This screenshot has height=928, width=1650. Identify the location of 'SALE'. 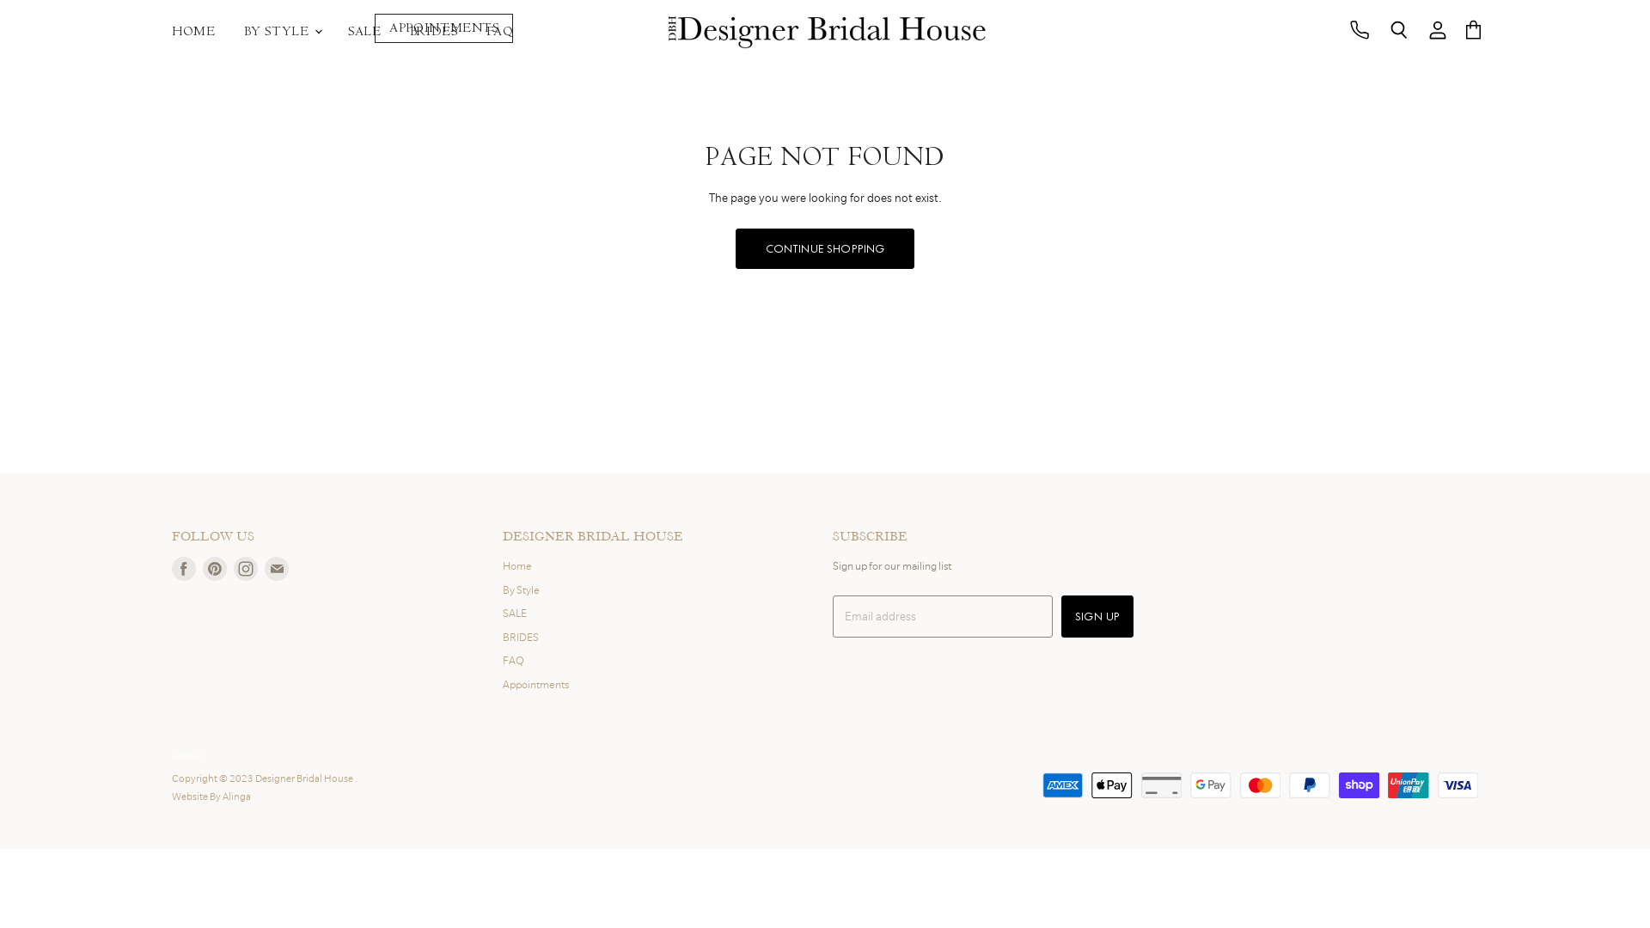
(364, 31).